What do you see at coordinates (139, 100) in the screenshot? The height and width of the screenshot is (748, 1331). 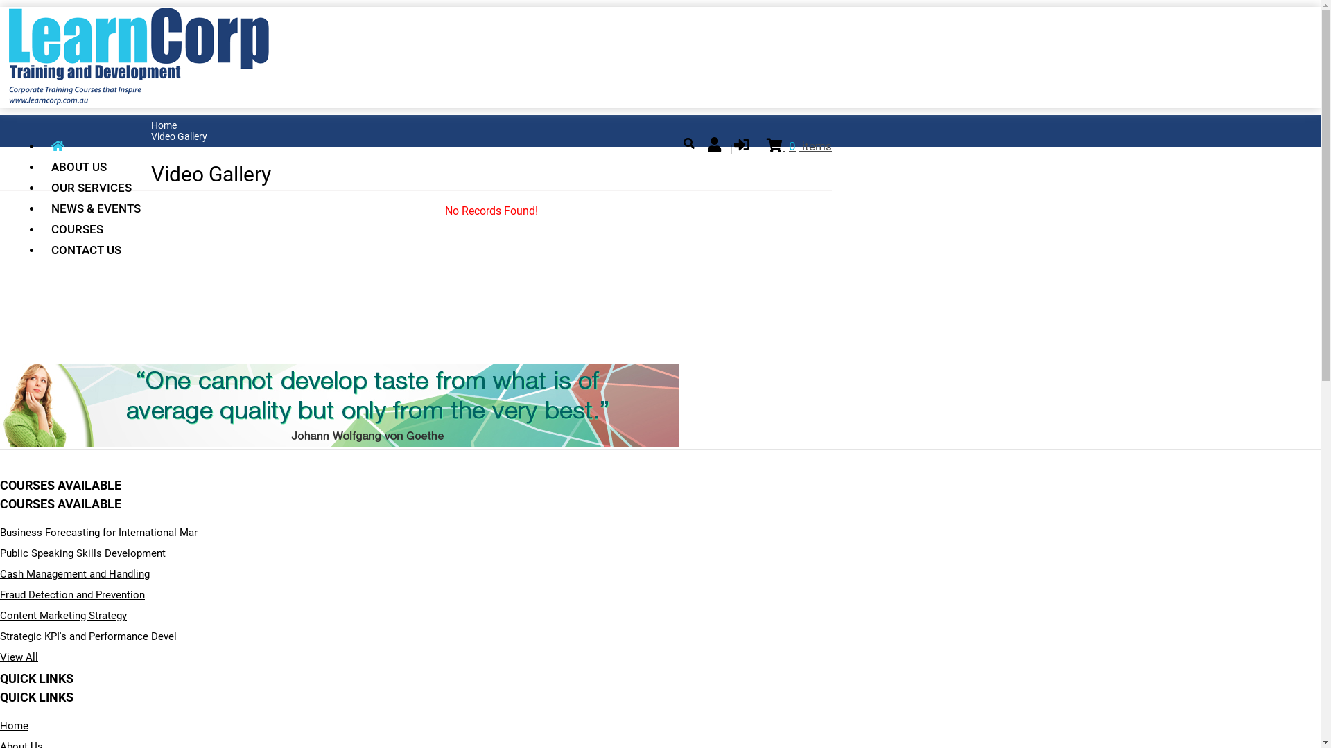 I see `'LearnCorp Training'` at bounding box center [139, 100].